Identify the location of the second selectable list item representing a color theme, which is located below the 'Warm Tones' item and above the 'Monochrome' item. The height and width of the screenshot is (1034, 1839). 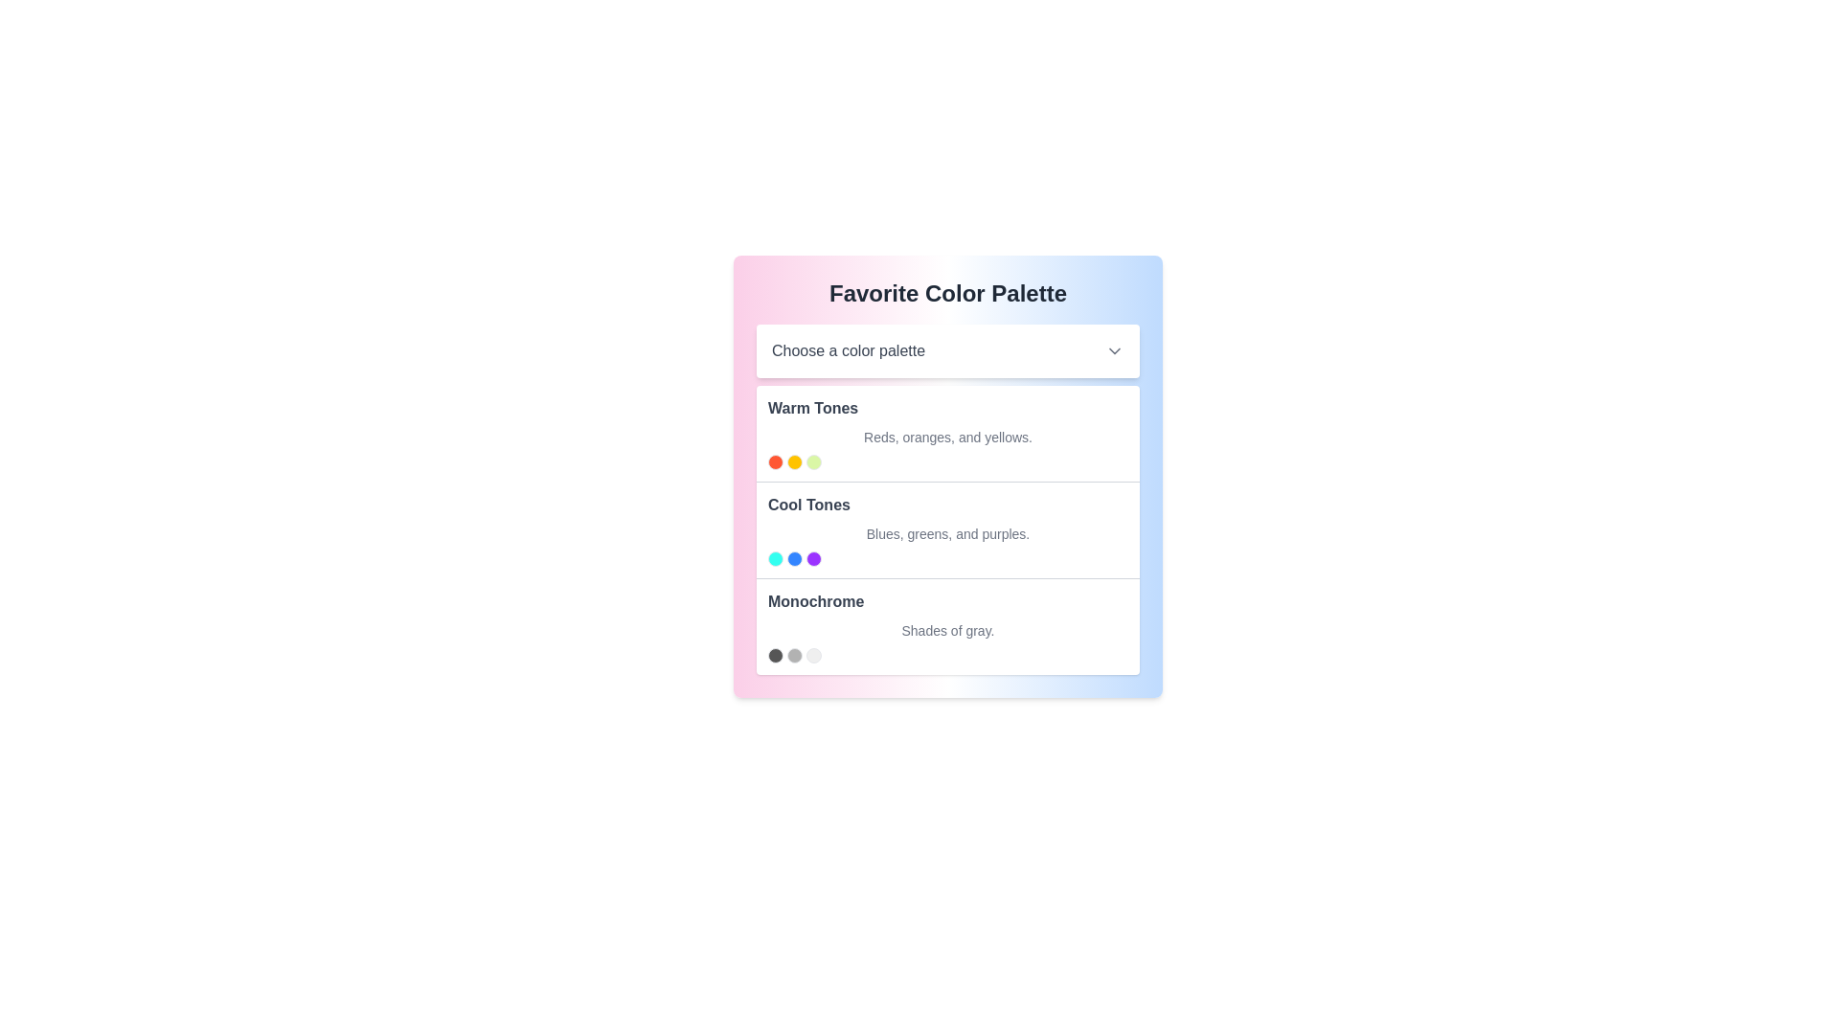
(947, 529).